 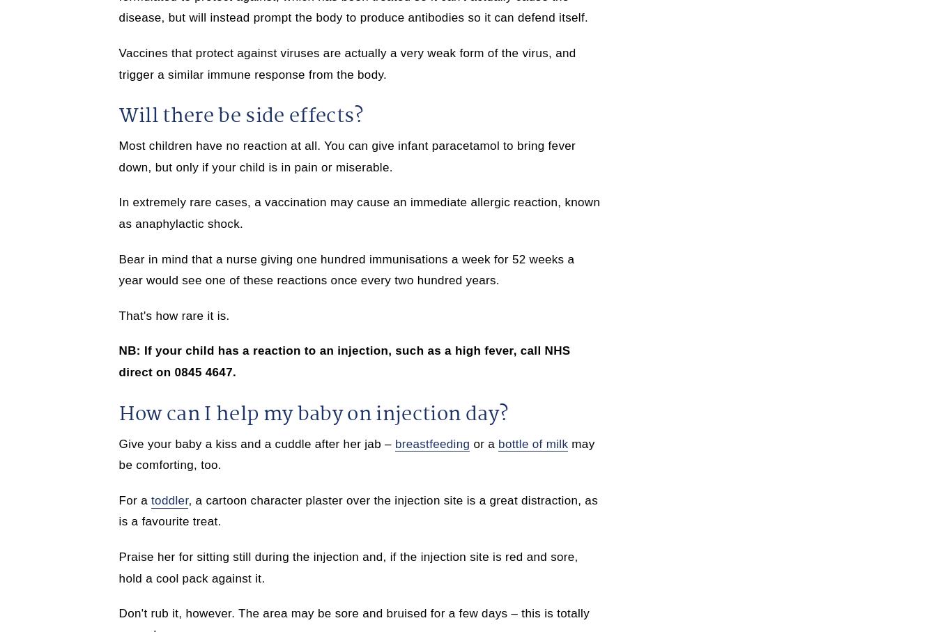 I want to click on 'bottle of milk', so click(x=532, y=443).